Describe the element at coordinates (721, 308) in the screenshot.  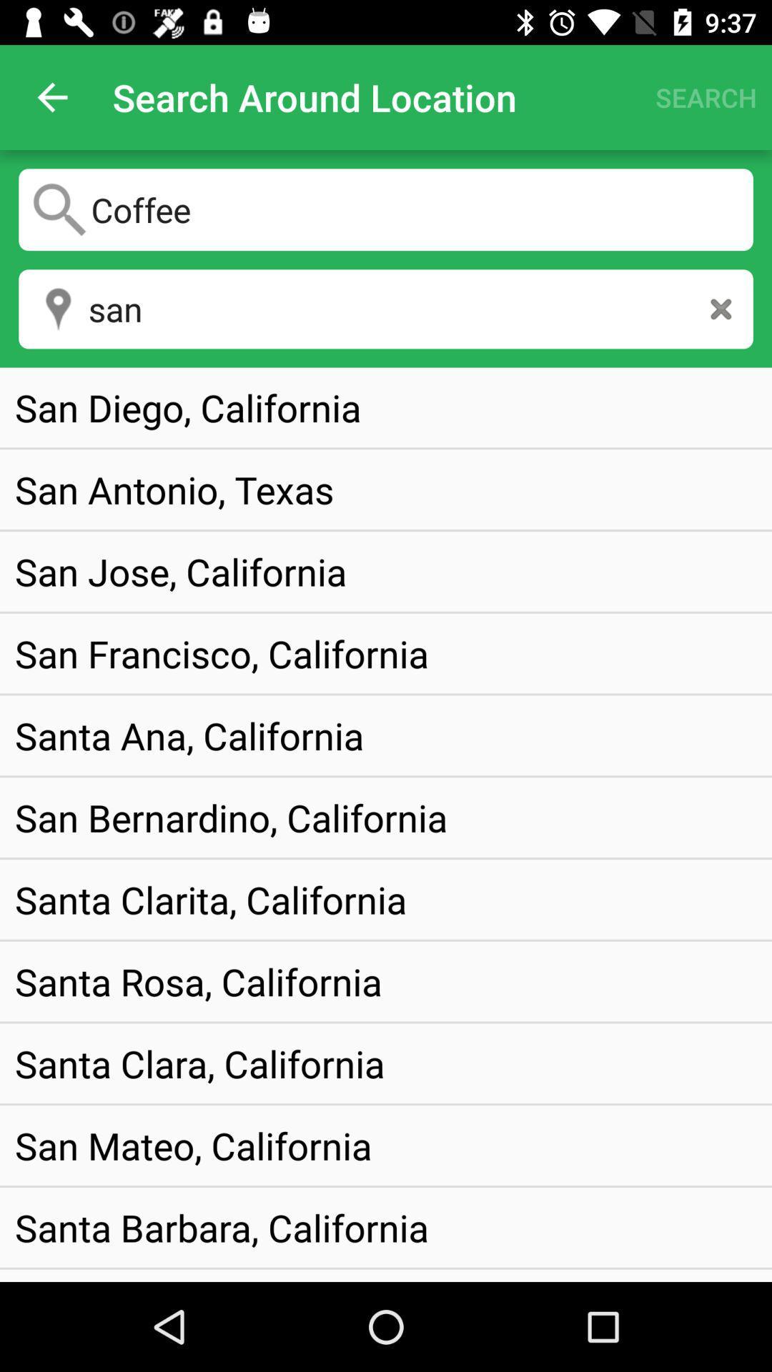
I see `icon below coffee item` at that location.